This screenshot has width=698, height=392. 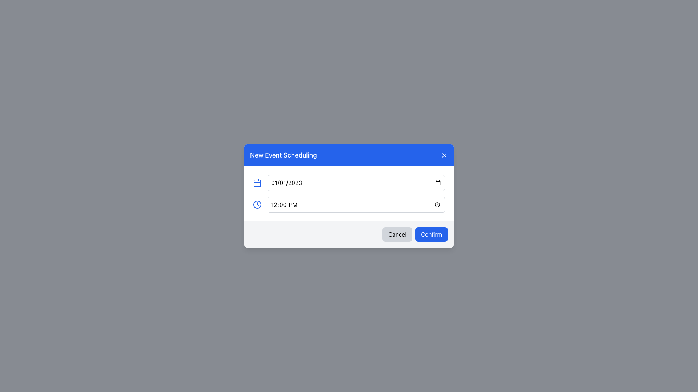 I want to click on the blue calendar icon with a square outline and a grid-like interior pattern, located in the top-left corner of the card layout, adjacent to the date input field, so click(x=257, y=183).